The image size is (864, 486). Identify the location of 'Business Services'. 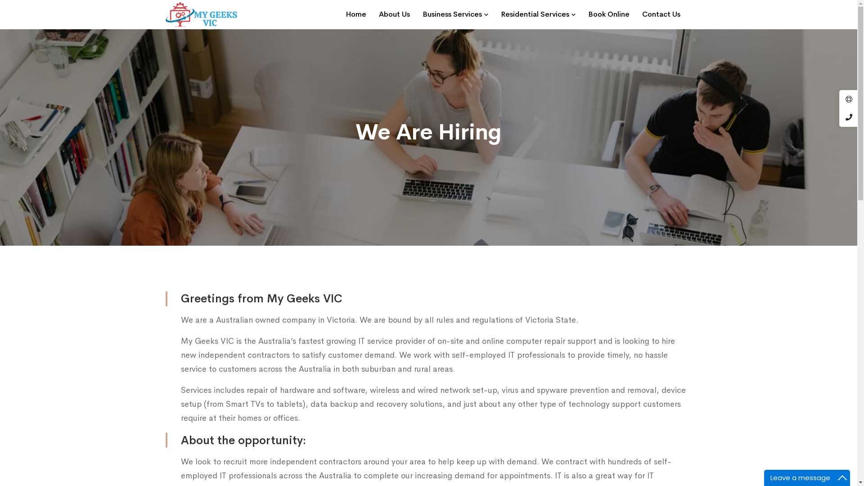
(455, 14).